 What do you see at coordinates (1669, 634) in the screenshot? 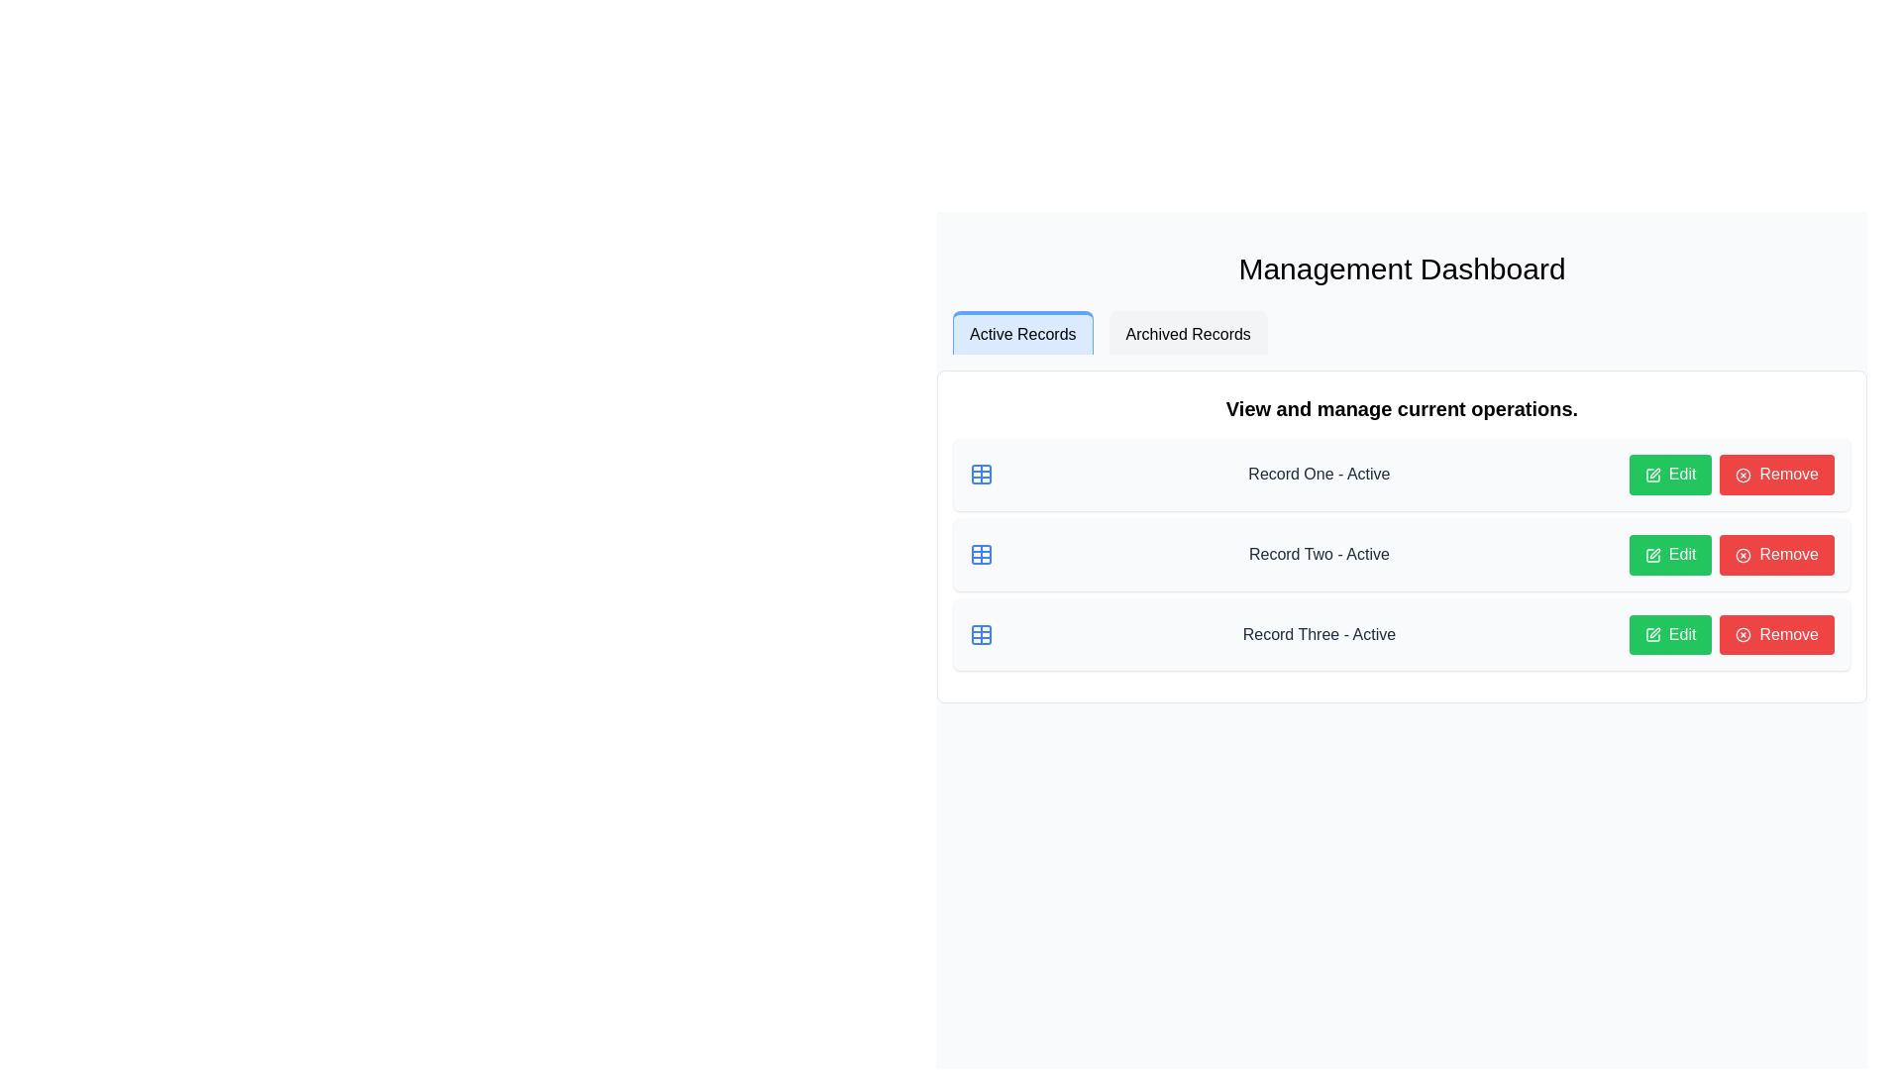
I see `the 'Edit' button with a green background, white text, and a pen icon, located in the lower-right section of the 'Record Three - Active' card` at bounding box center [1669, 634].